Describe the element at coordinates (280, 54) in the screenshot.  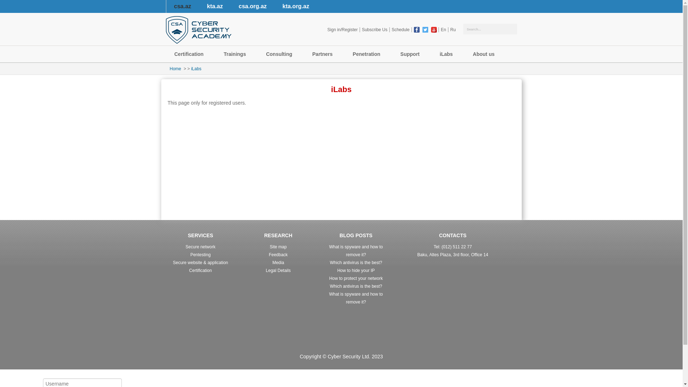
I see `'Consulting'` at that location.